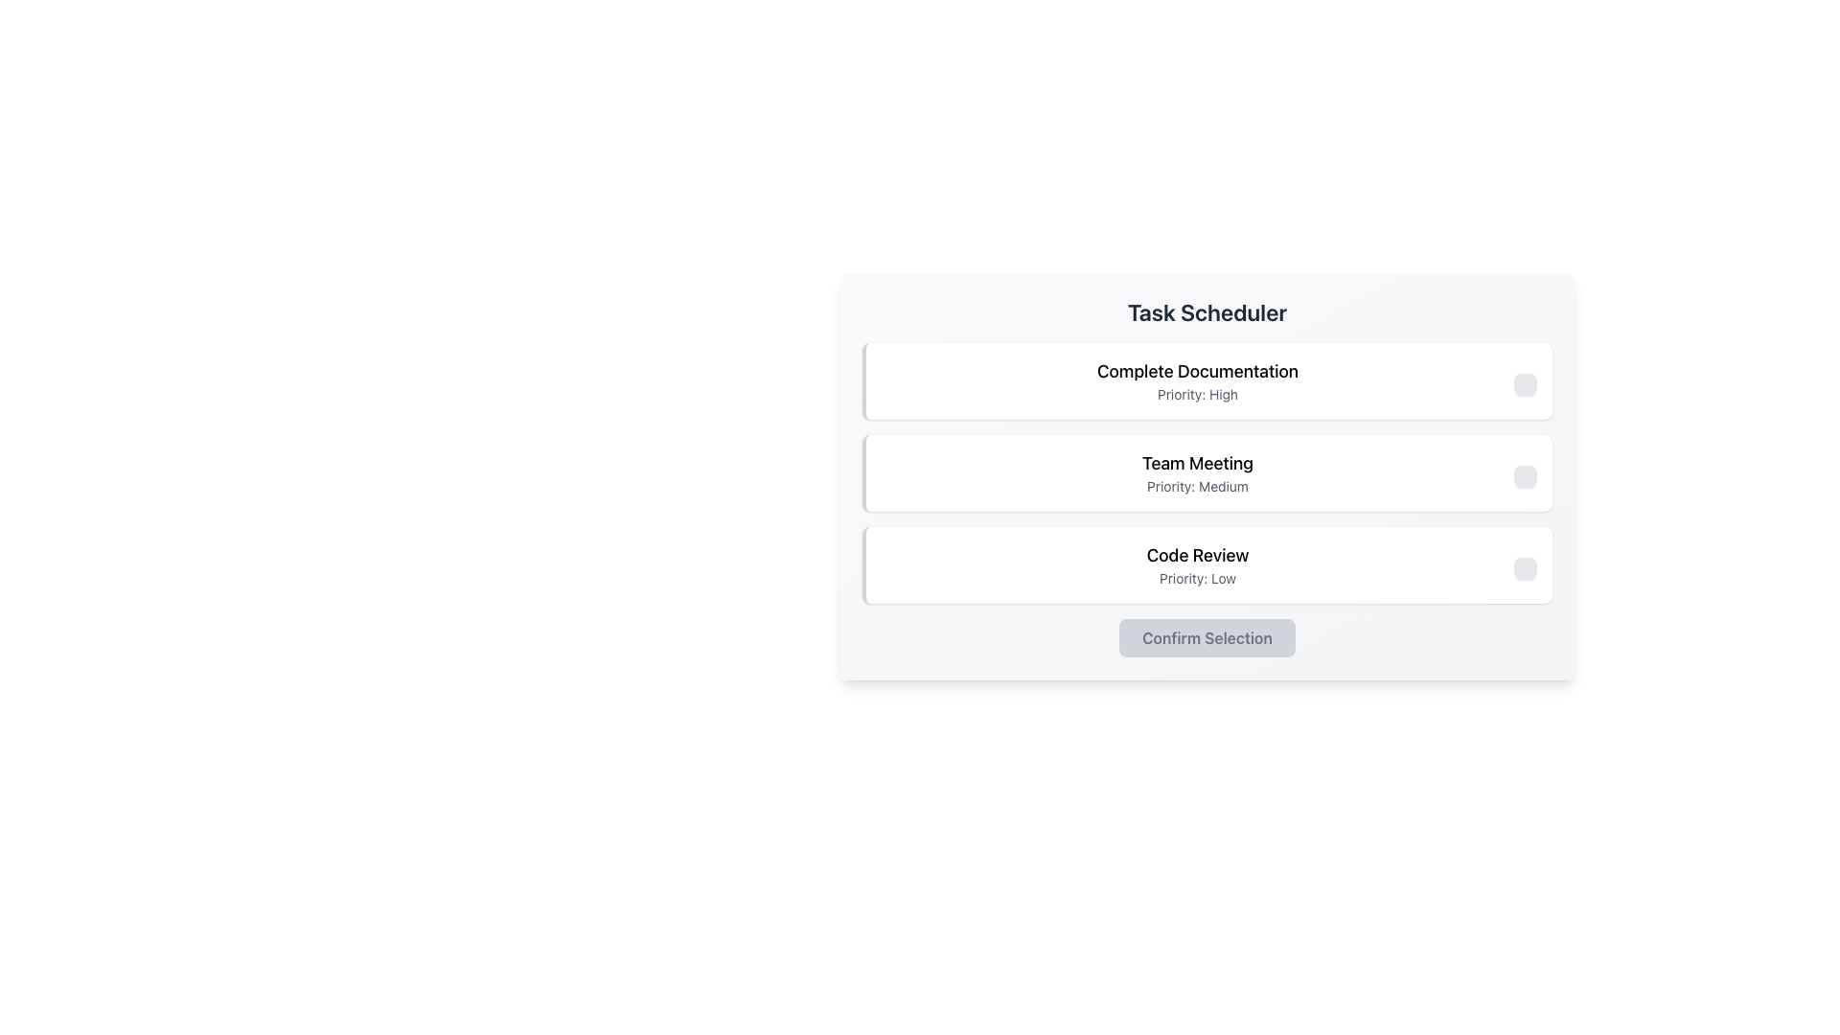 The image size is (1840, 1035). Describe the element at coordinates (1206, 472) in the screenshot. I see `the 'Team Meeting' task card, which is the second card in the vertical grid layout, positioned between 'Complete Documentation' and 'Code Review'` at that location.